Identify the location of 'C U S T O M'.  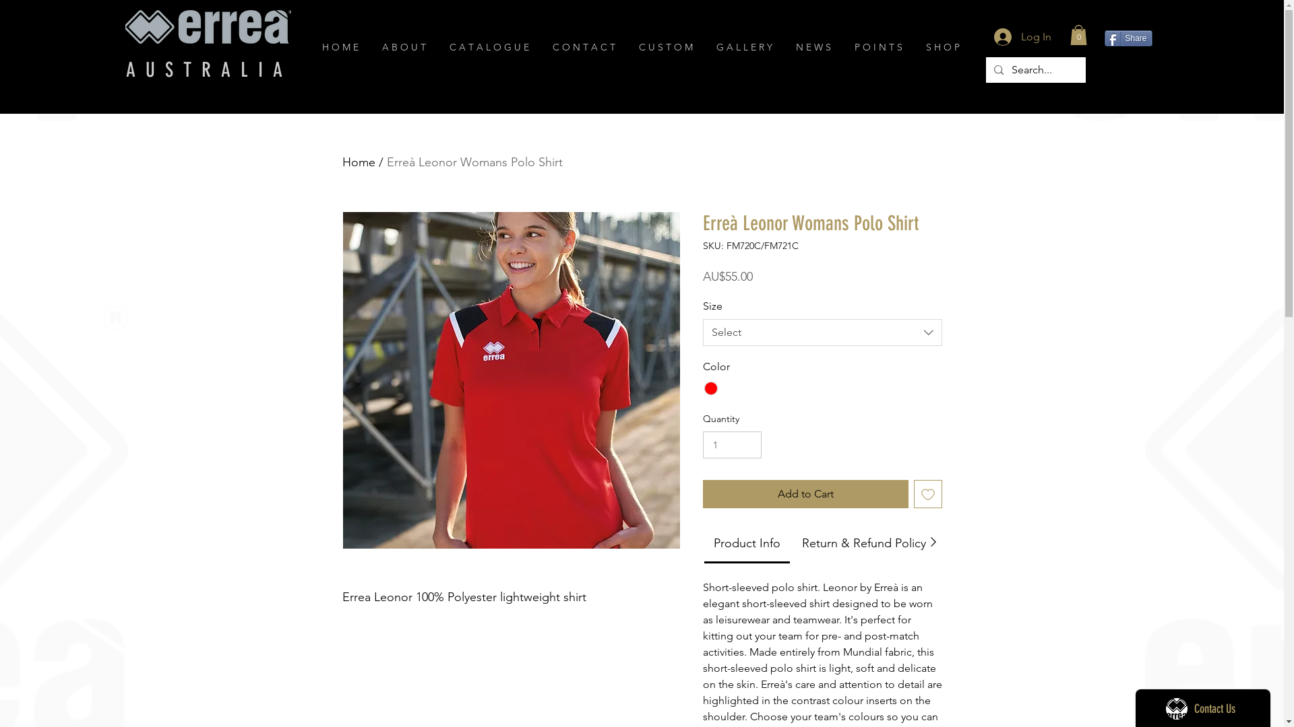
(667, 46).